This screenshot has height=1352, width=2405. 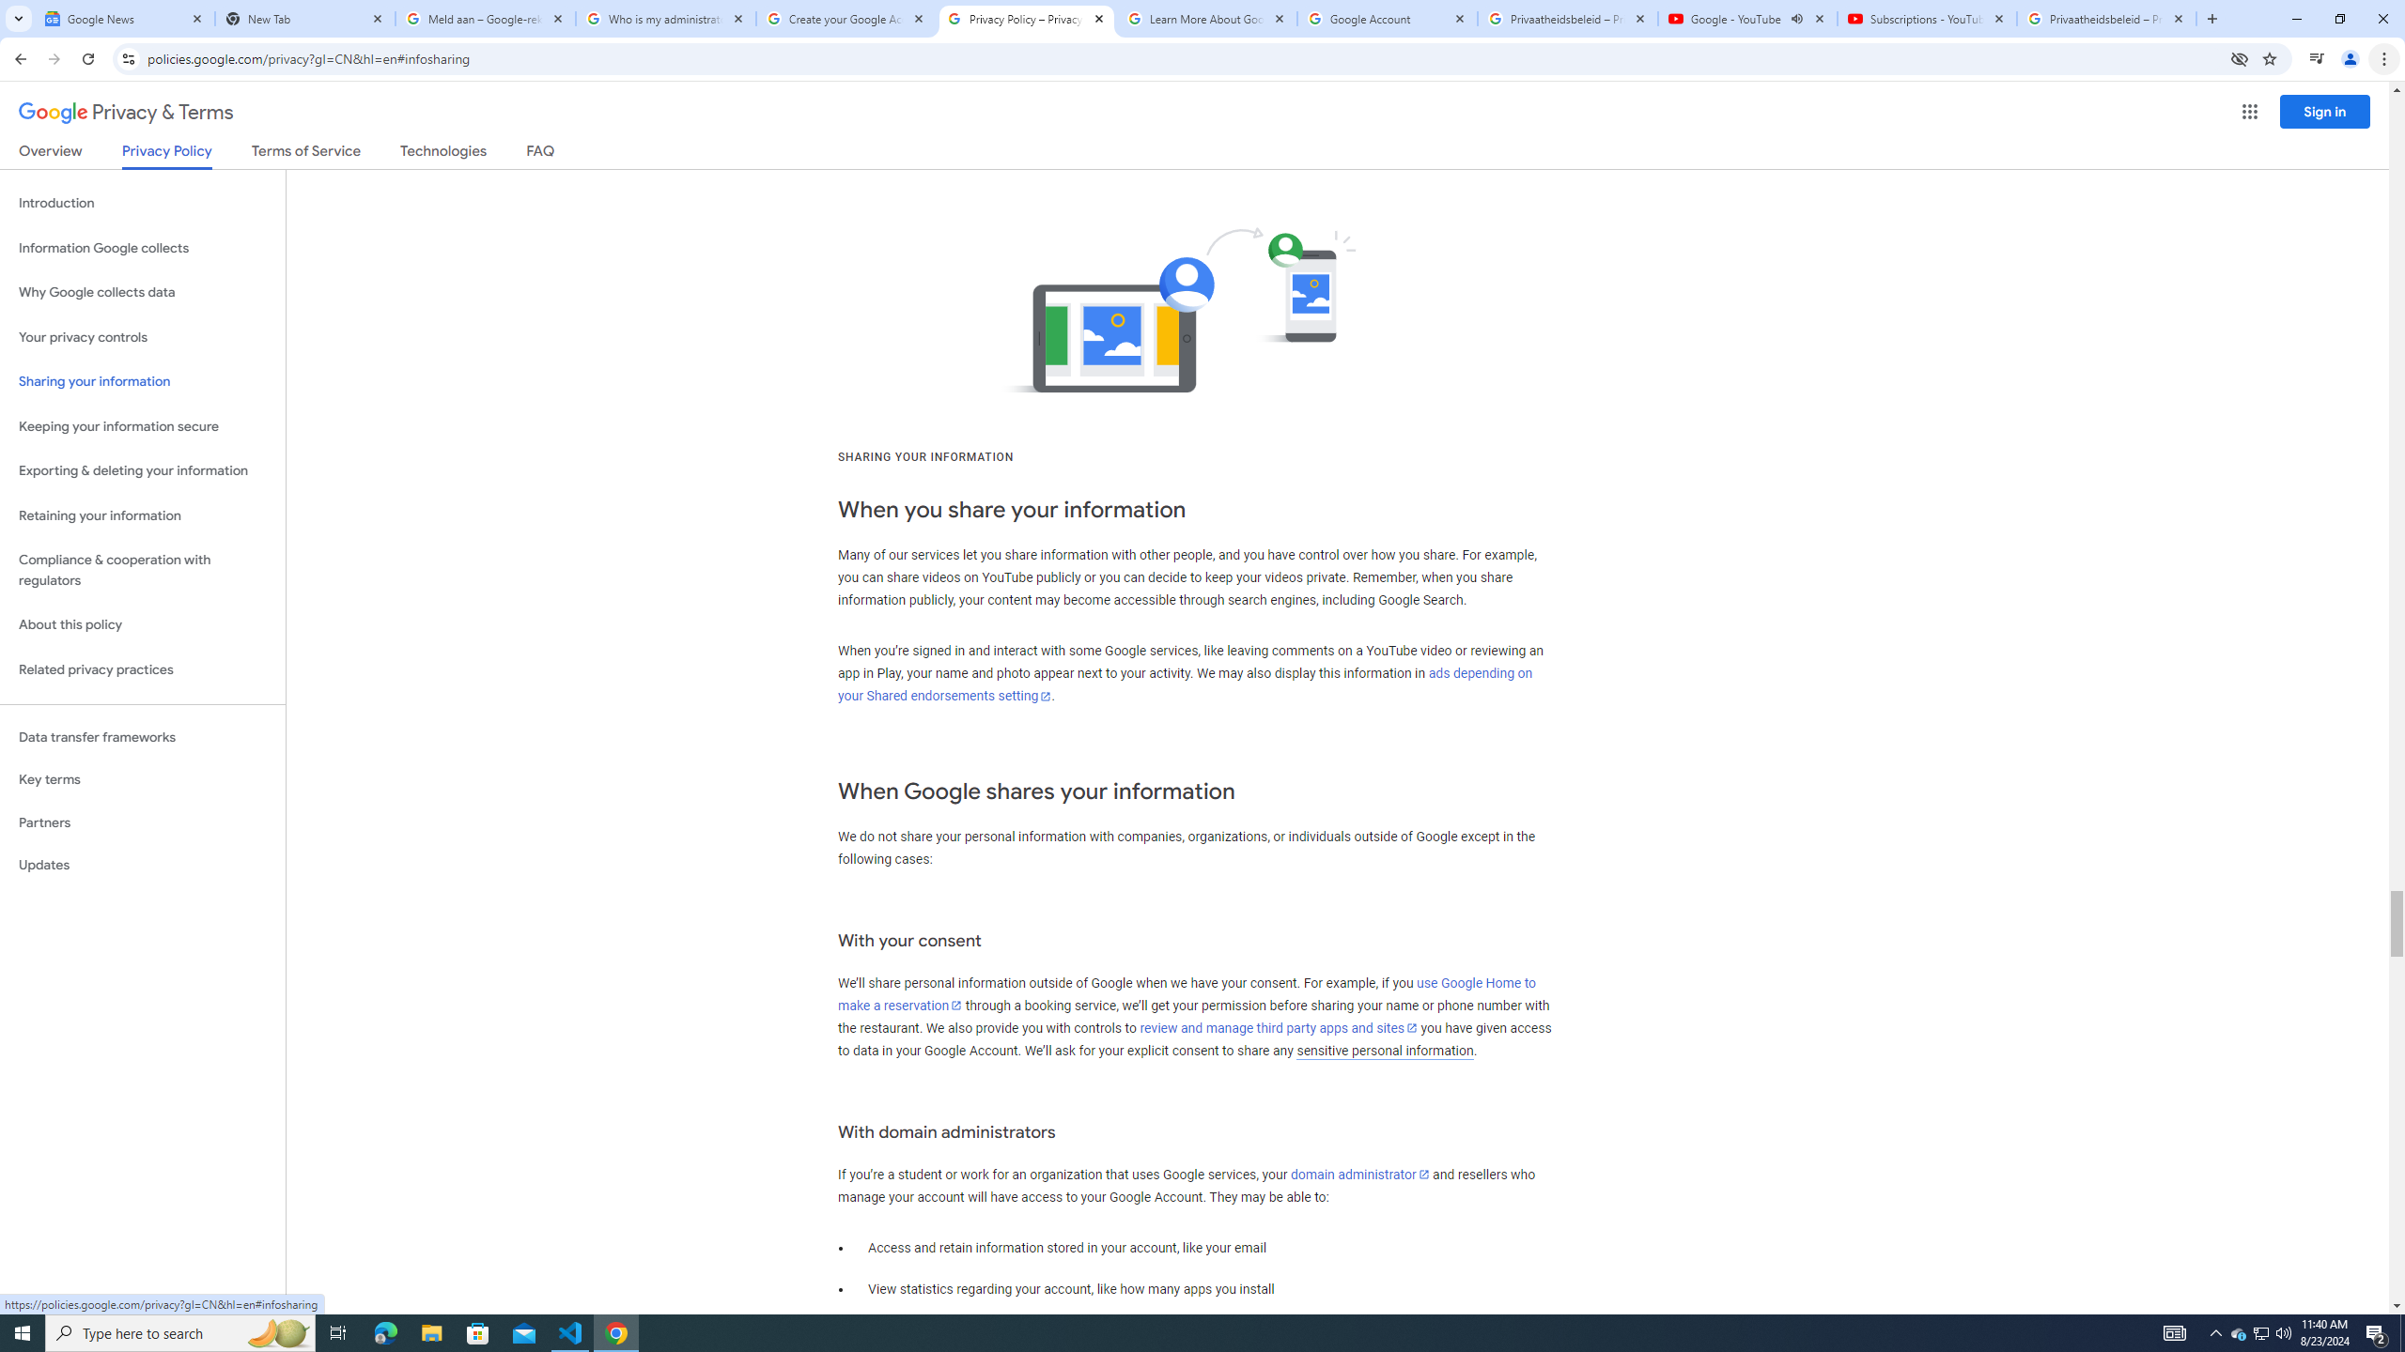 What do you see at coordinates (142, 625) in the screenshot?
I see `'About this policy'` at bounding box center [142, 625].